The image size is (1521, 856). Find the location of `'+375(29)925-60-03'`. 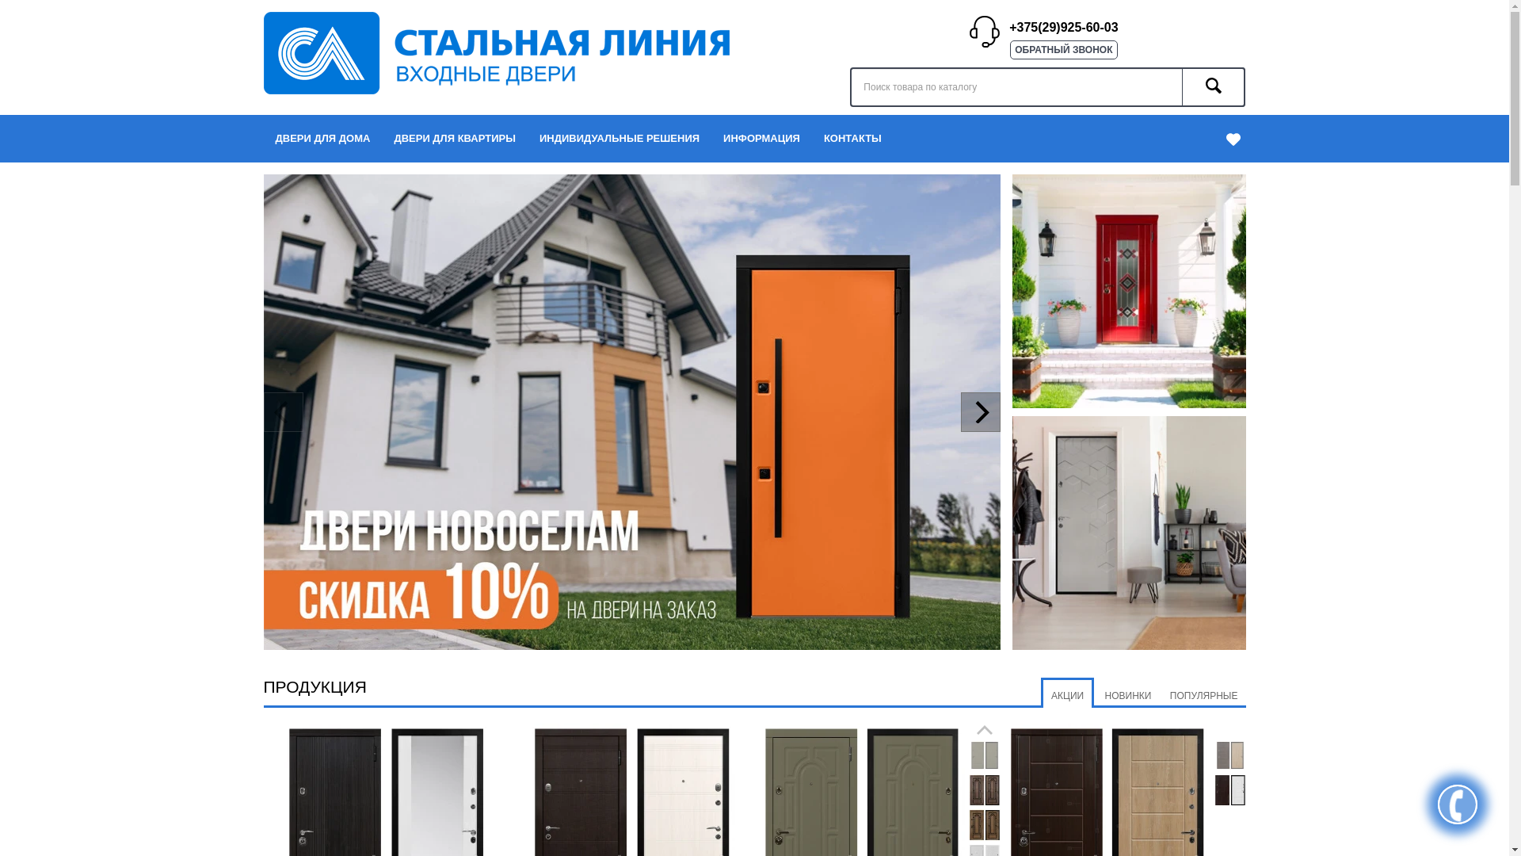

'+375(29)925-60-03' is located at coordinates (1063, 28).